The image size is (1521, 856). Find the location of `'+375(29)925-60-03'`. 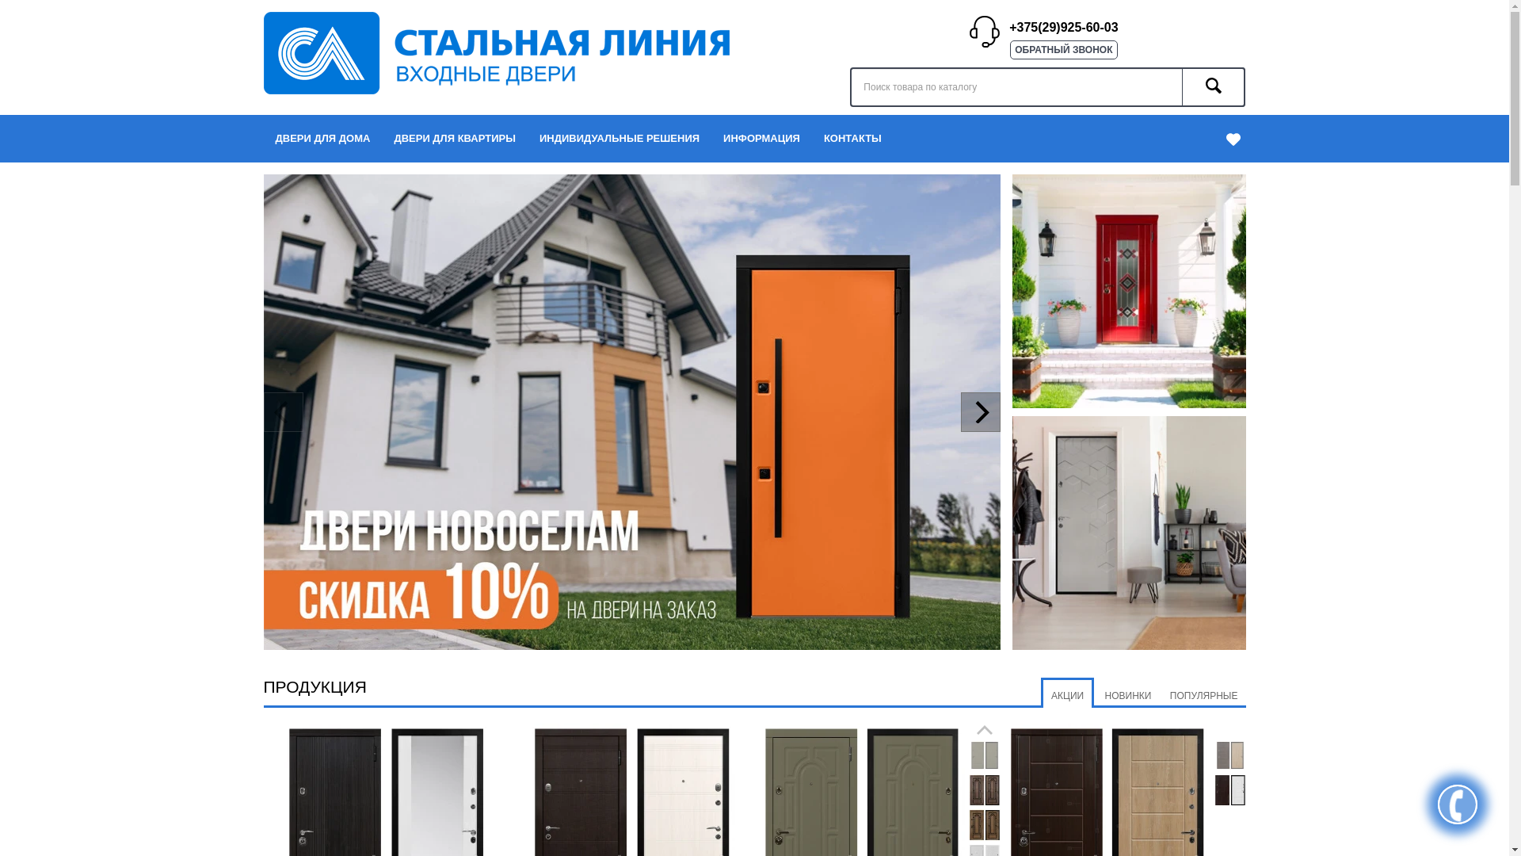

'+375(29)925-60-03' is located at coordinates (1063, 28).